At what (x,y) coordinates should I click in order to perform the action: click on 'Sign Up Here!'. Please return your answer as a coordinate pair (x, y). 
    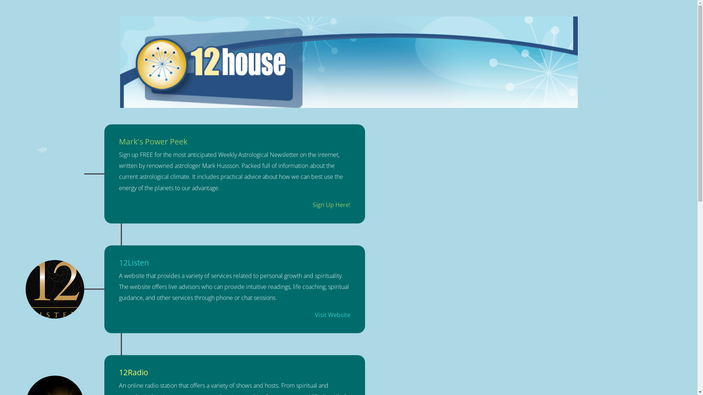
    Looking at the image, I should click on (331, 204).